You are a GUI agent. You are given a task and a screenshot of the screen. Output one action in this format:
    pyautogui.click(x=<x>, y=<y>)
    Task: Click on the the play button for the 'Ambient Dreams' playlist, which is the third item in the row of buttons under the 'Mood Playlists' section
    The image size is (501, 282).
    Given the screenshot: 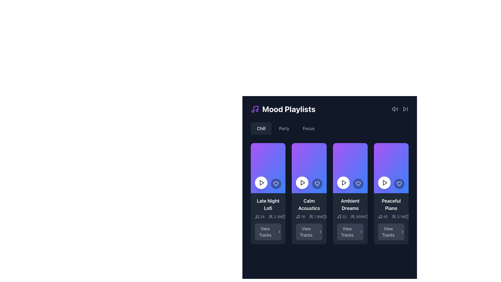 What is the action you would take?
    pyautogui.click(x=344, y=182)
    